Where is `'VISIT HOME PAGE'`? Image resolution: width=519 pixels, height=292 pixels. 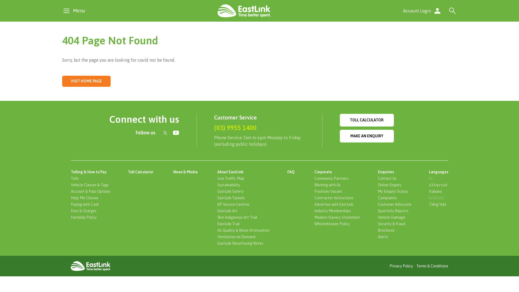 'VISIT HOME PAGE' is located at coordinates (86, 81).